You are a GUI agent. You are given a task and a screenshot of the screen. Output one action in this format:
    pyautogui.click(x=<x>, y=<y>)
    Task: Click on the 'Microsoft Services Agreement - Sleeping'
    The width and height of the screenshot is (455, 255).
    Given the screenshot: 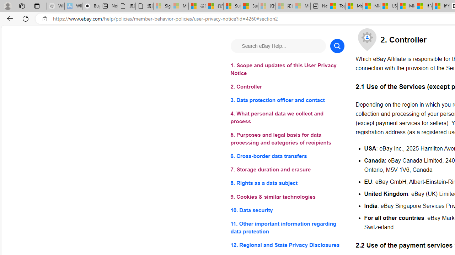 What is the action you would take?
    pyautogui.click(x=180, y=6)
    